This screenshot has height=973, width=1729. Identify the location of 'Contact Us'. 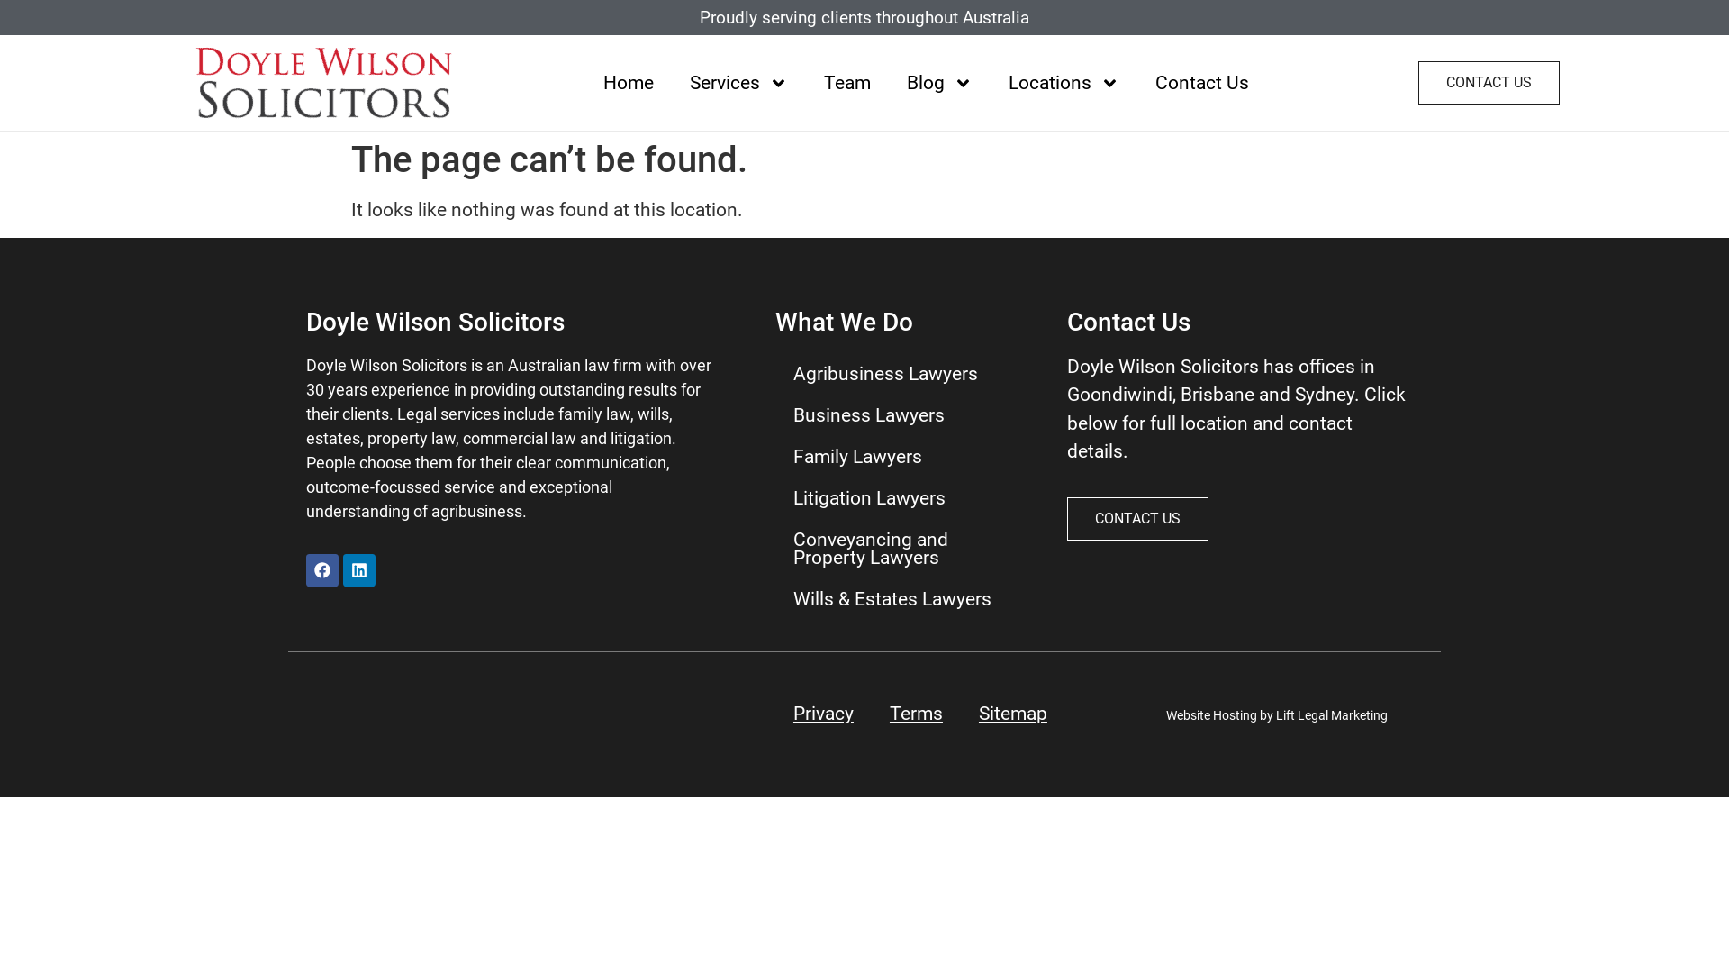
(1136, 82).